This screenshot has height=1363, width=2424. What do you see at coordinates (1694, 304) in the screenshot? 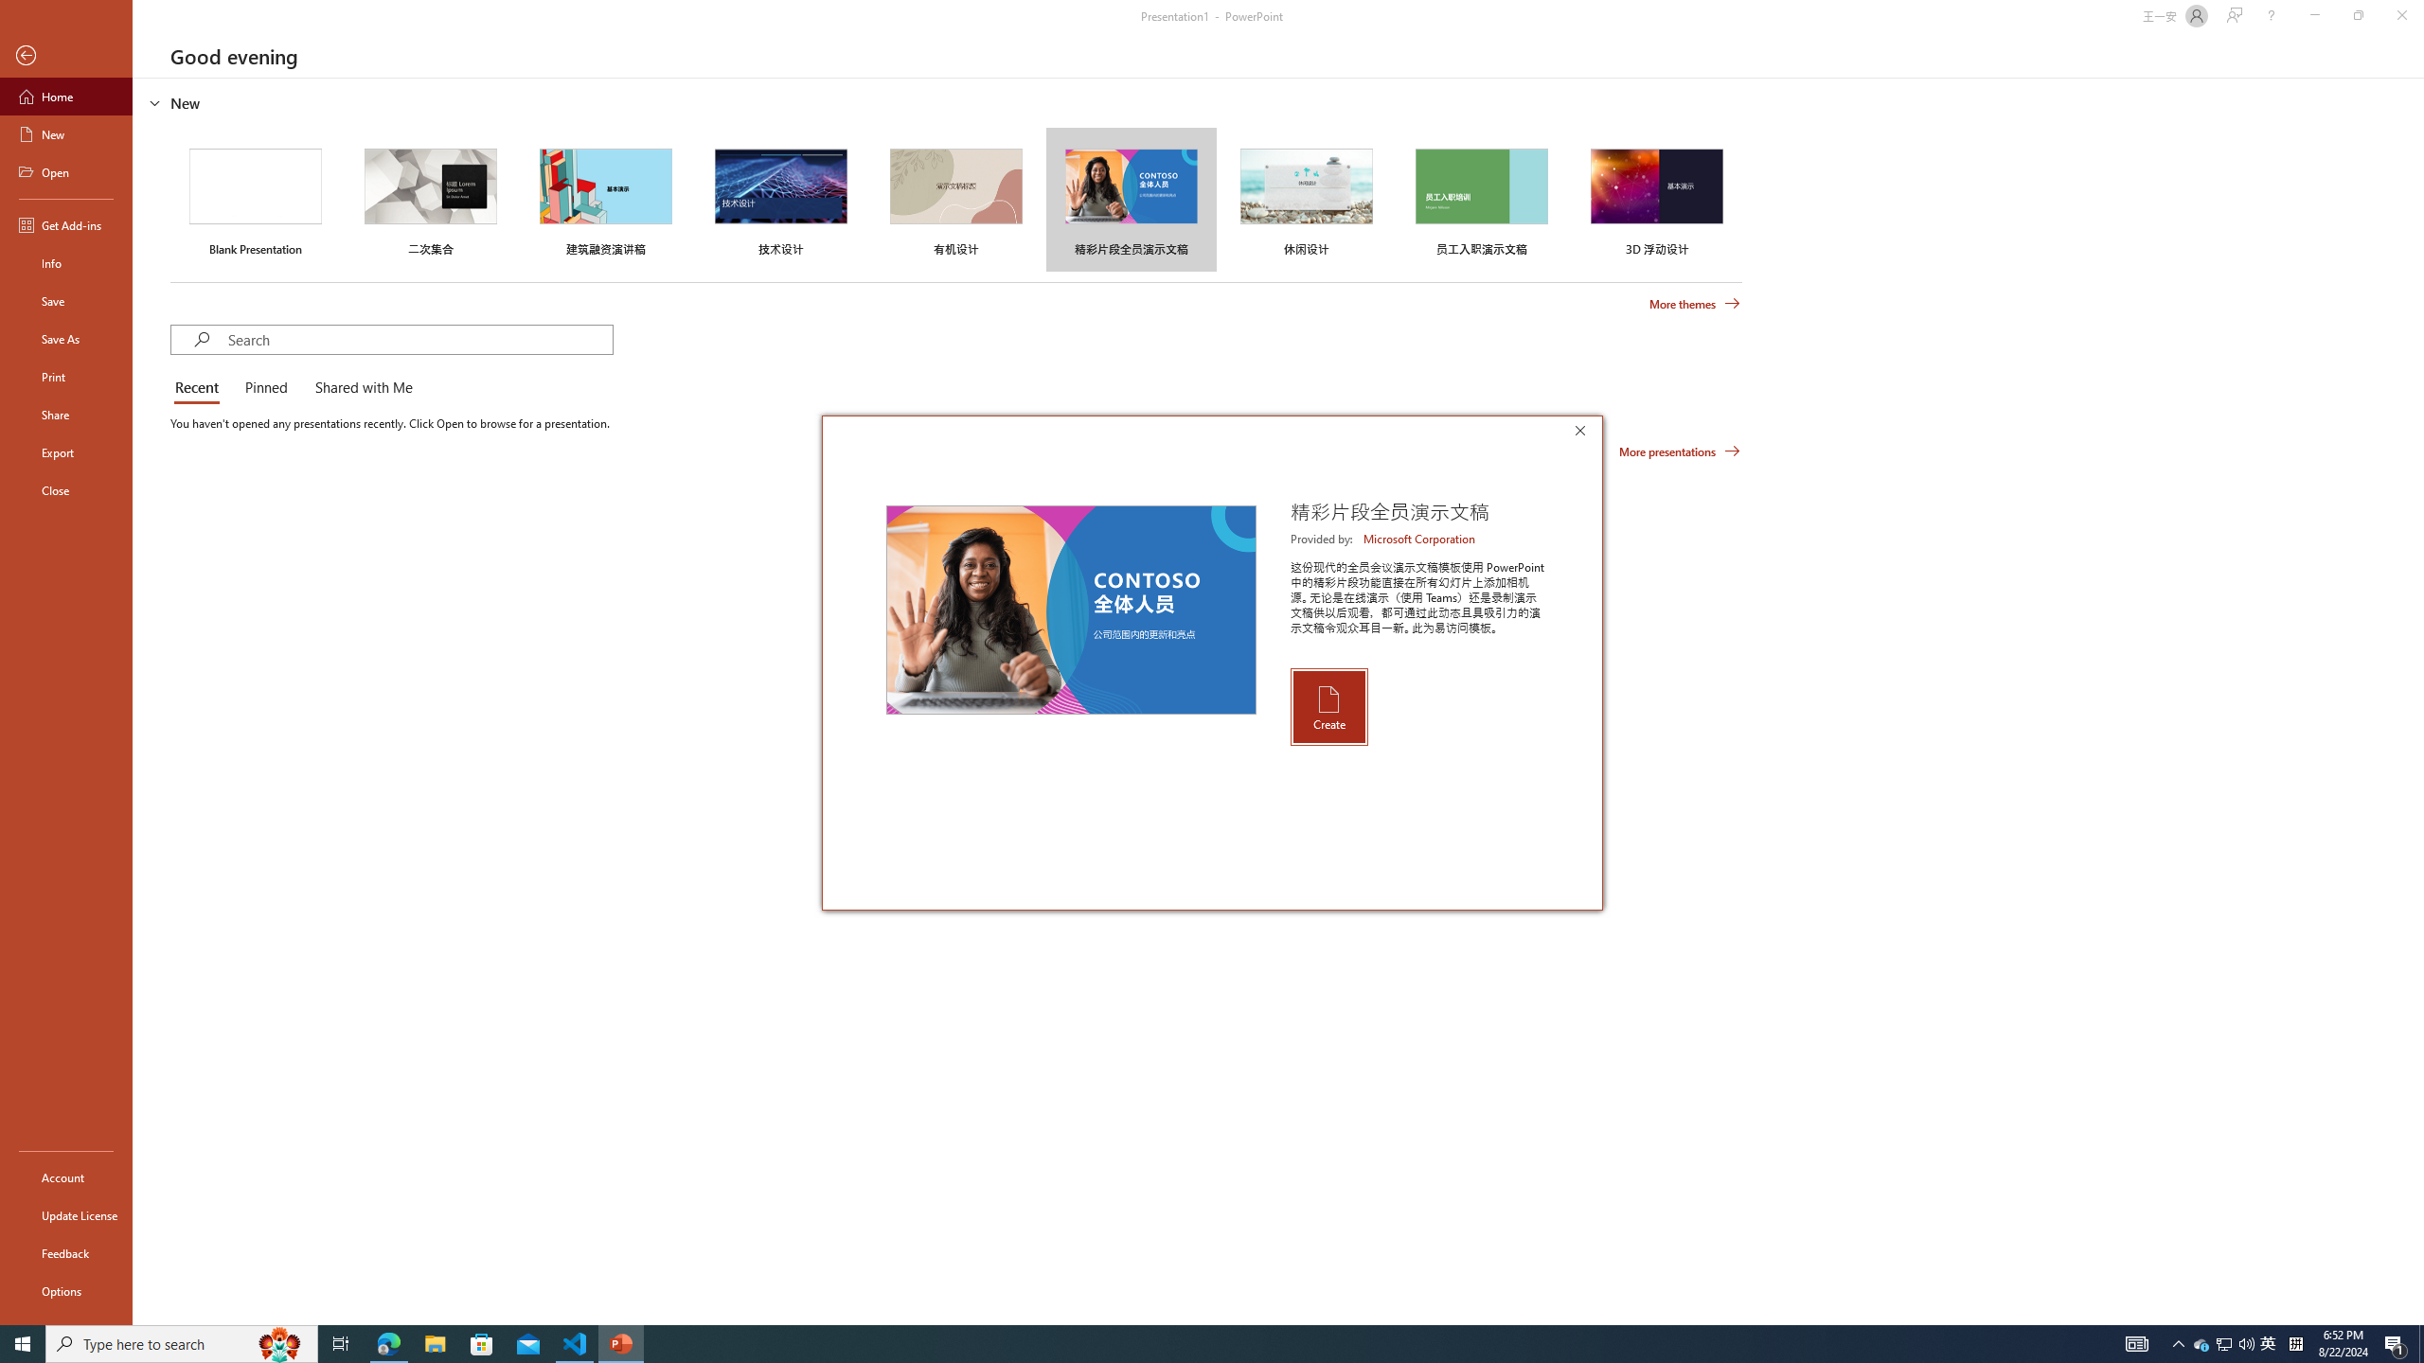
I see `'More themes'` at bounding box center [1694, 304].